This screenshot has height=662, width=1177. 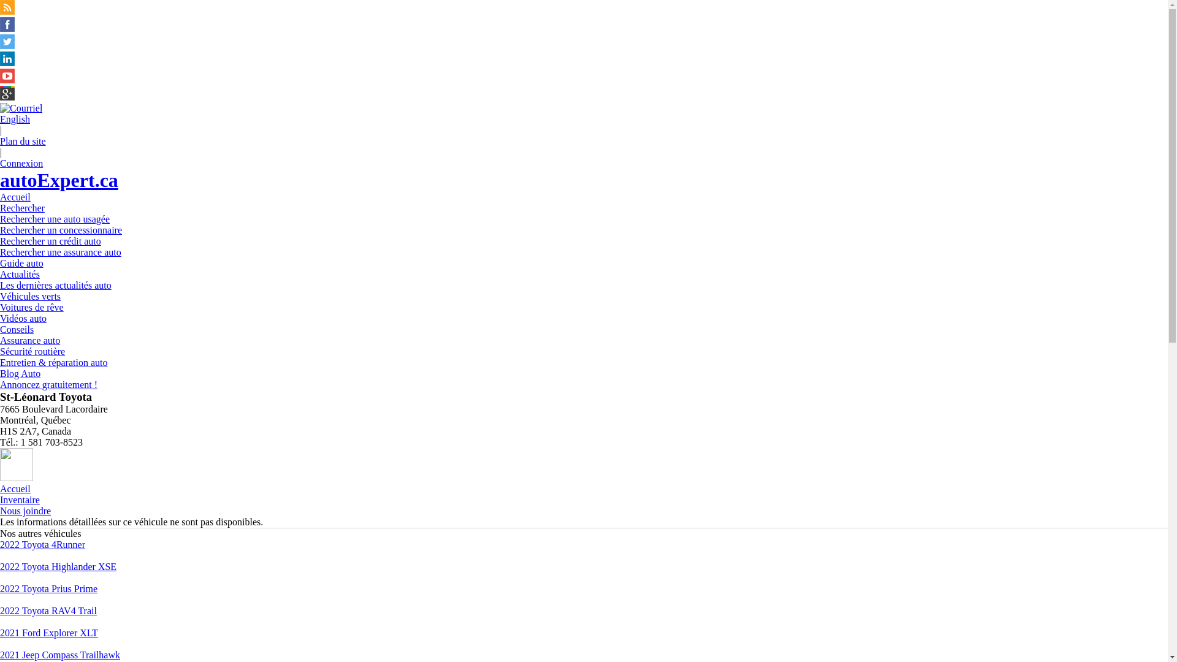 I want to click on 'Accueil', so click(x=0, y=488).